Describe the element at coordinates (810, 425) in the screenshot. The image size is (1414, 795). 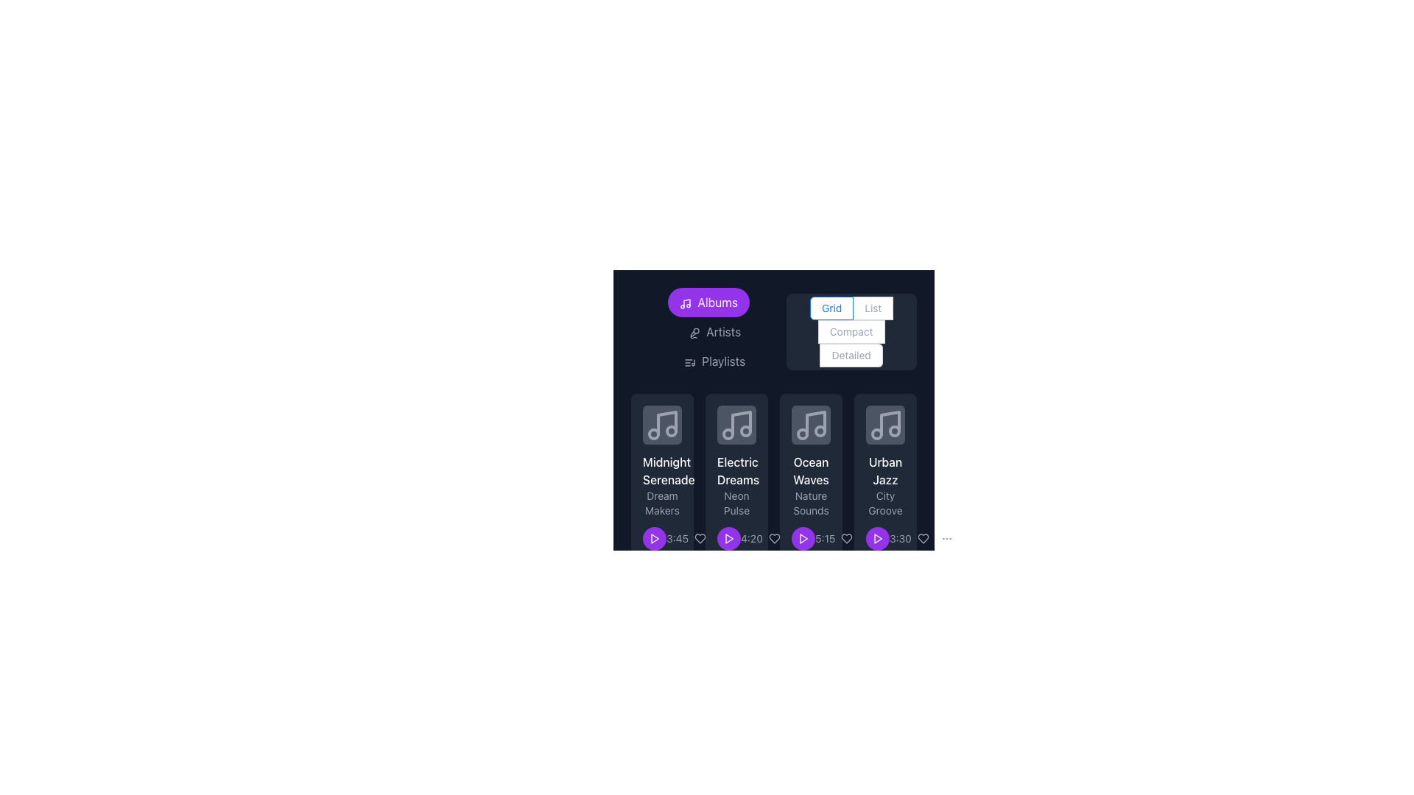
I see `the audio file icon representing 'Ocean Waves' in the third position of the card grid` at that location.